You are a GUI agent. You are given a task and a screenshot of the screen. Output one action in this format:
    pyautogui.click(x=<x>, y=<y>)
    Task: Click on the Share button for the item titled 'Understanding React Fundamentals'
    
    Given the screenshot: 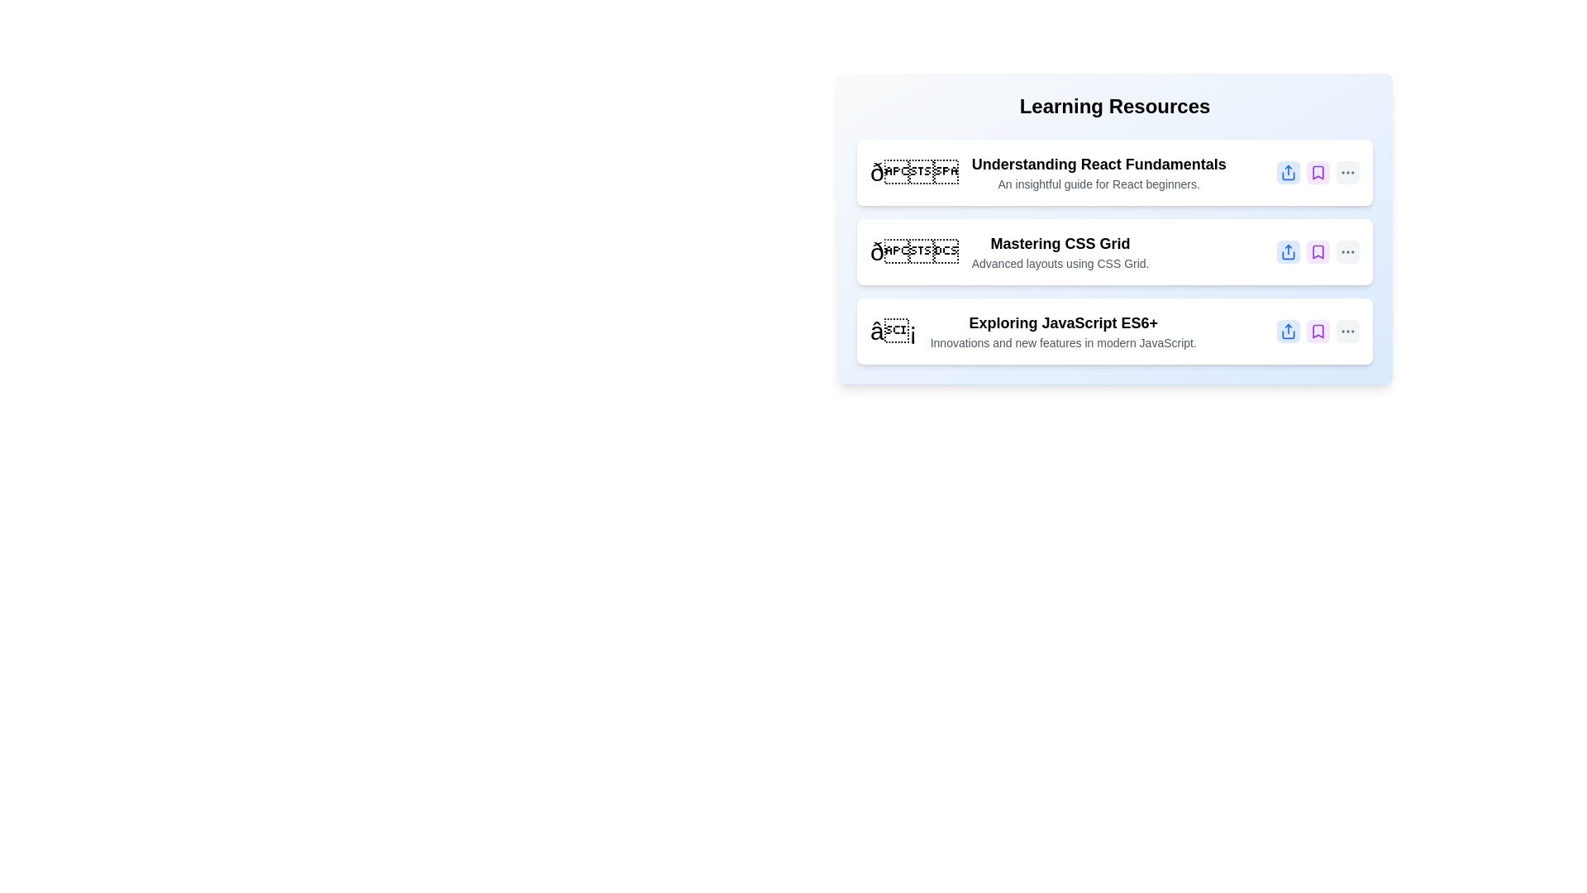 What is the action you would take?
    pyautogui.click(x=1288, y=172)
    